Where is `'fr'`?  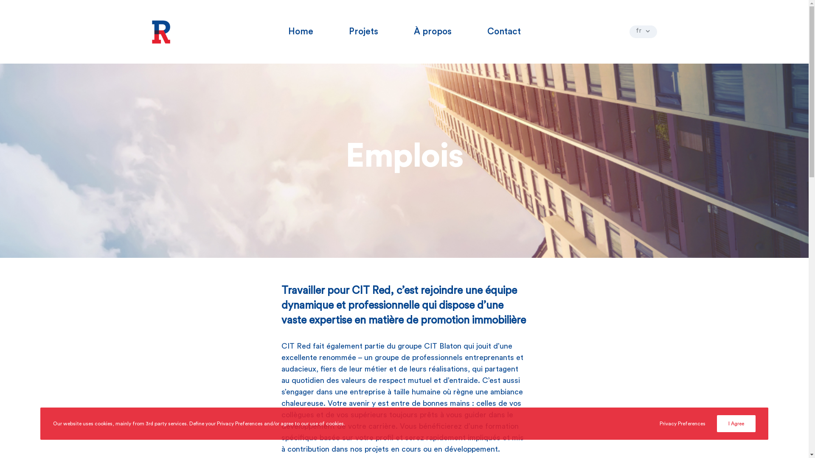
'fr' is located at coordinates (643, 31).